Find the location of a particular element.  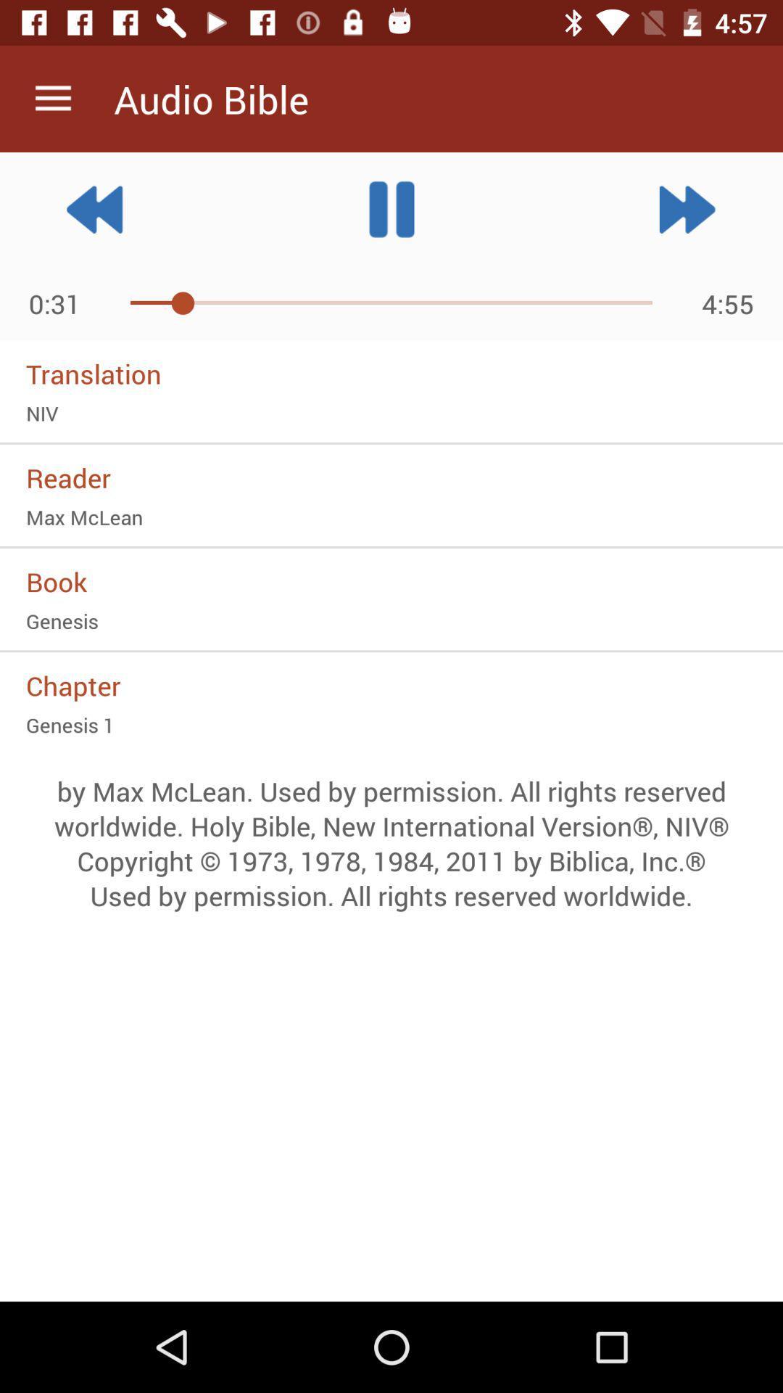

item above the by max mclean item is located at coordinates (391, 725).